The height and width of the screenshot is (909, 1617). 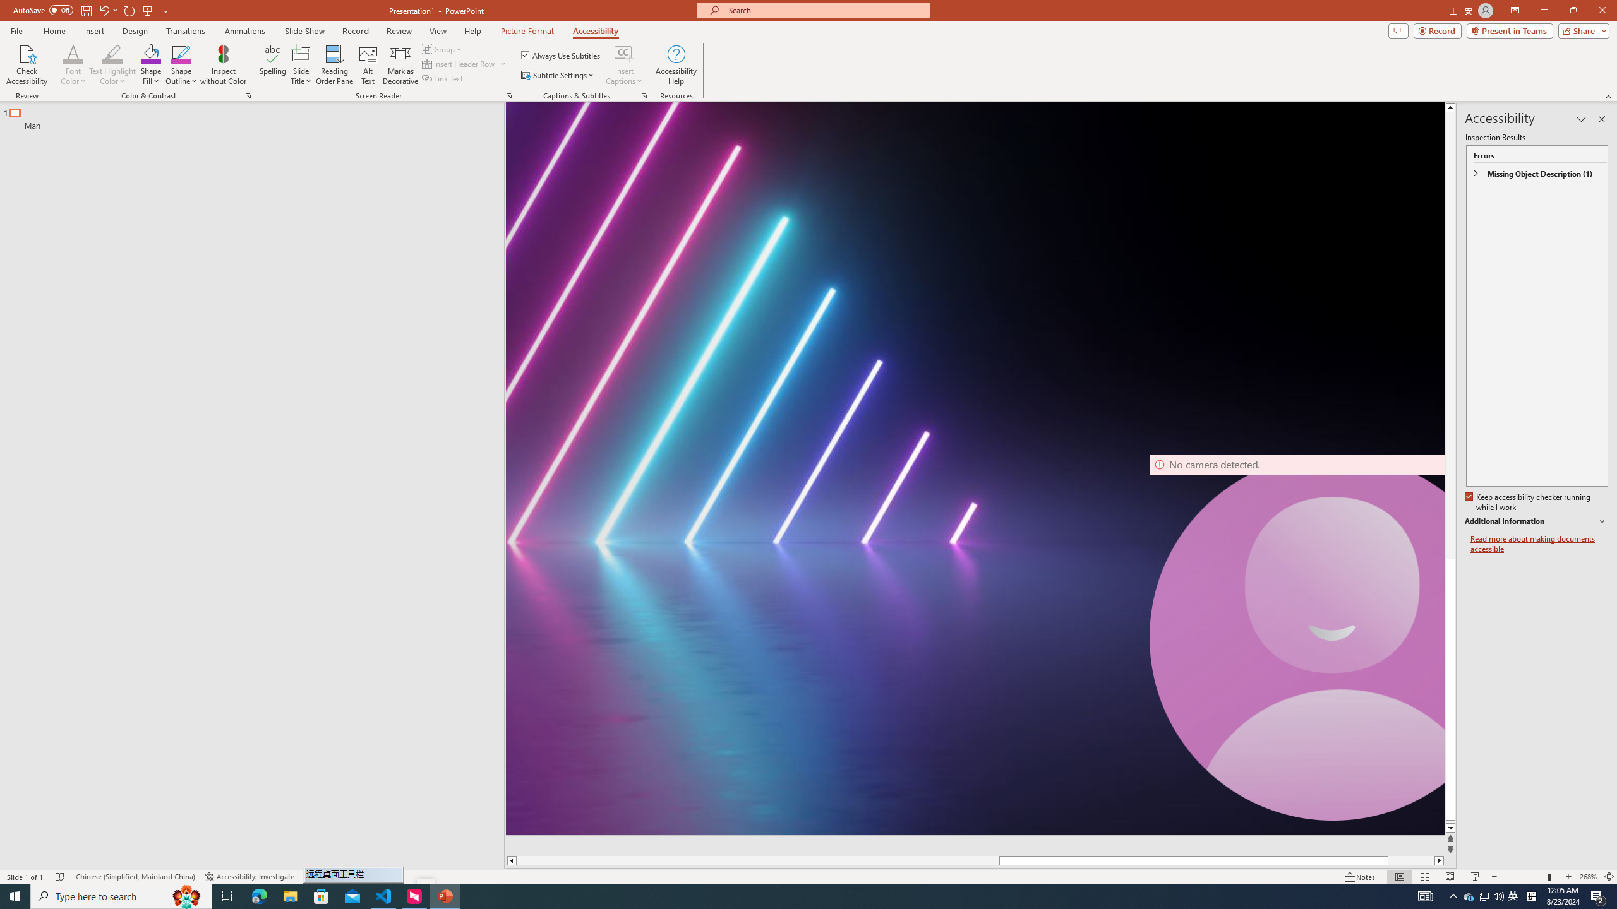 What do you see at coordinates (151, 65) in the screenshot?
I see `'Shape Fill'` at bounding box center [151, 65].